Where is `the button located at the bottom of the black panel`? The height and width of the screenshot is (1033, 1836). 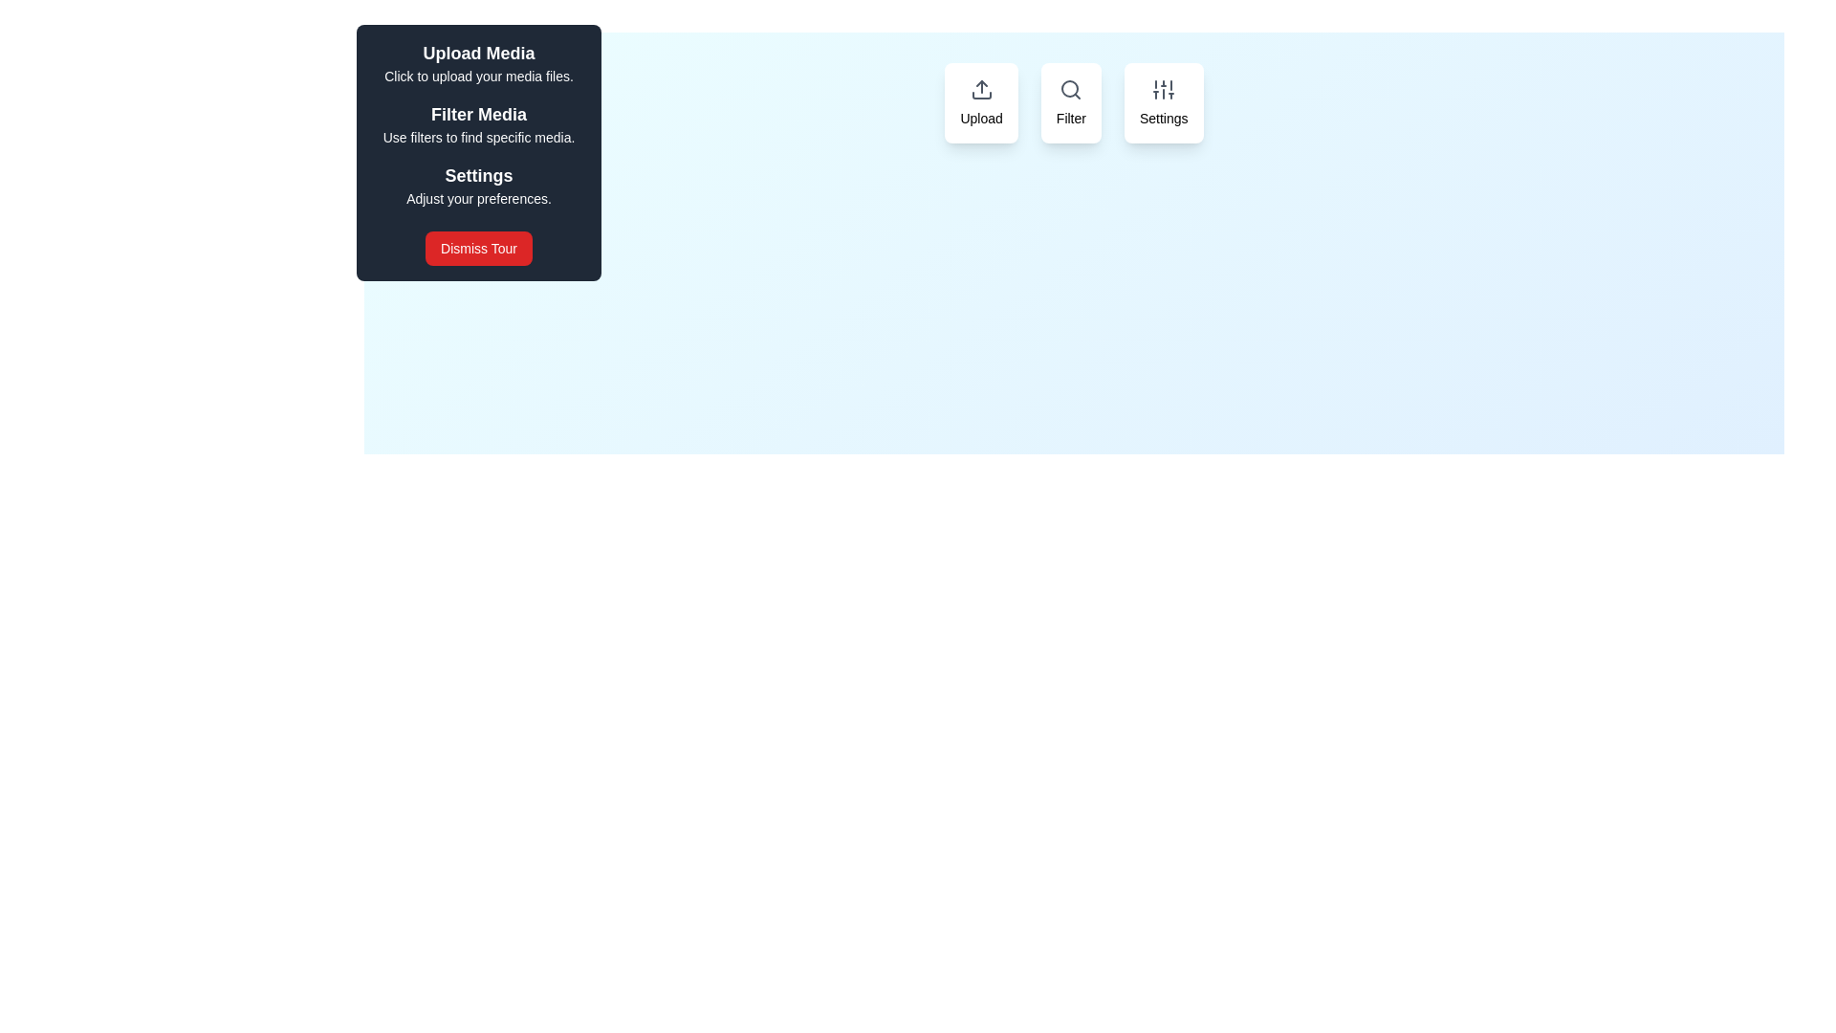 the button located at the bottom of the black panel is located at coordinates (478, 247).